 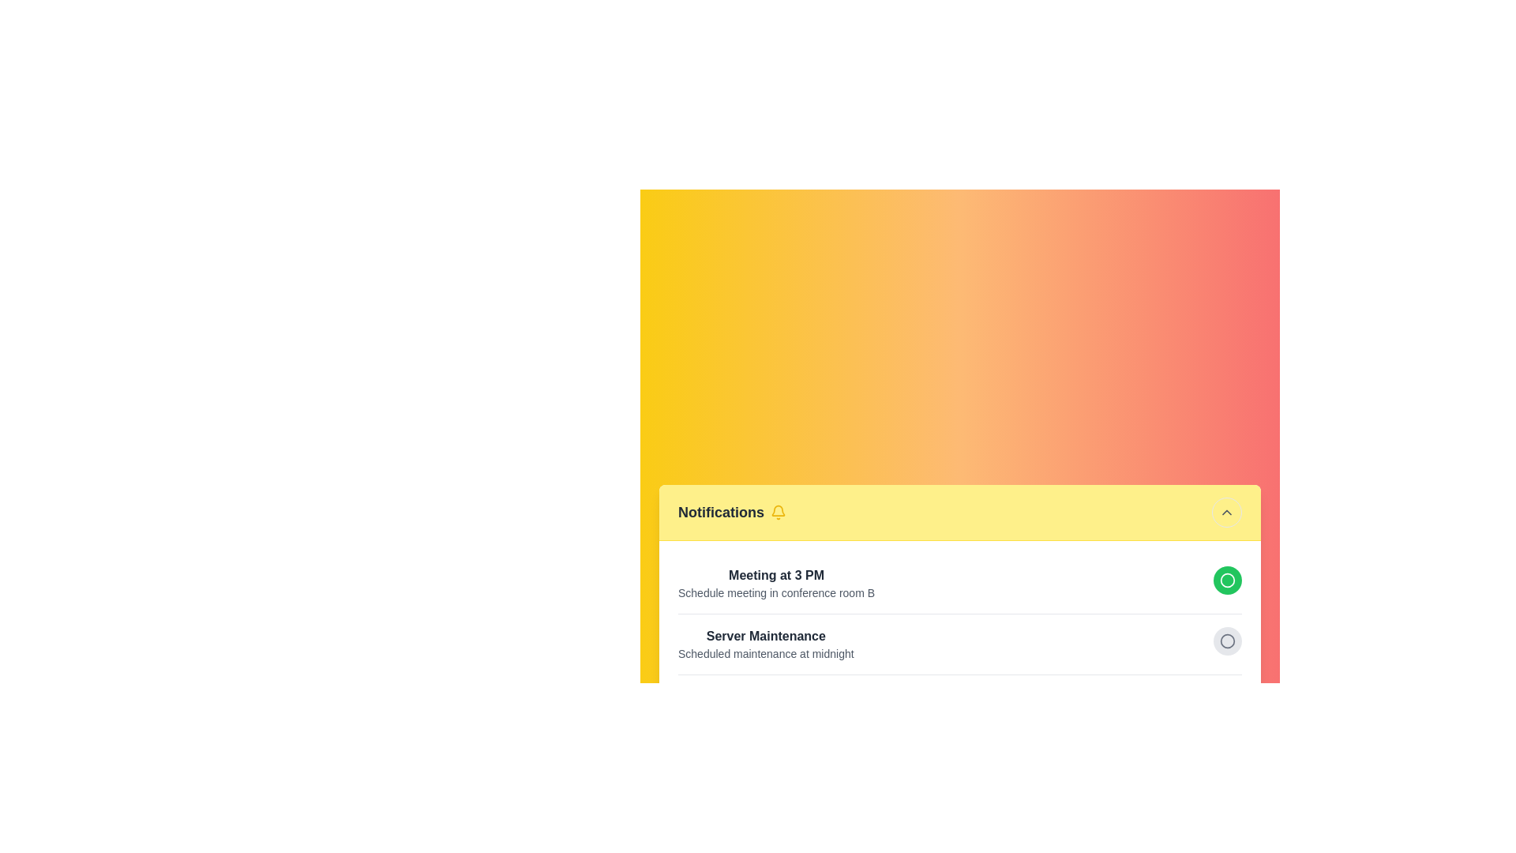 What do you see at coordinates (1226, 512) in the screenshot?
I see `the circular button with a gray border and an upward-pointing chevron icon located in the top right corner of the yellow notification bar` at bounding box center [1226, 512].